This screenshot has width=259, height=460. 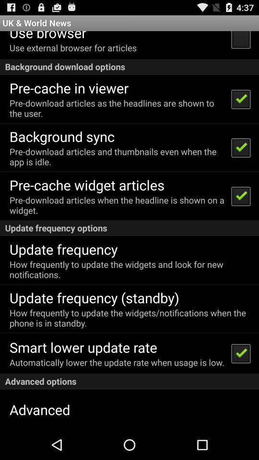 I want to click on advanced options item, so click(x=129, y=381).